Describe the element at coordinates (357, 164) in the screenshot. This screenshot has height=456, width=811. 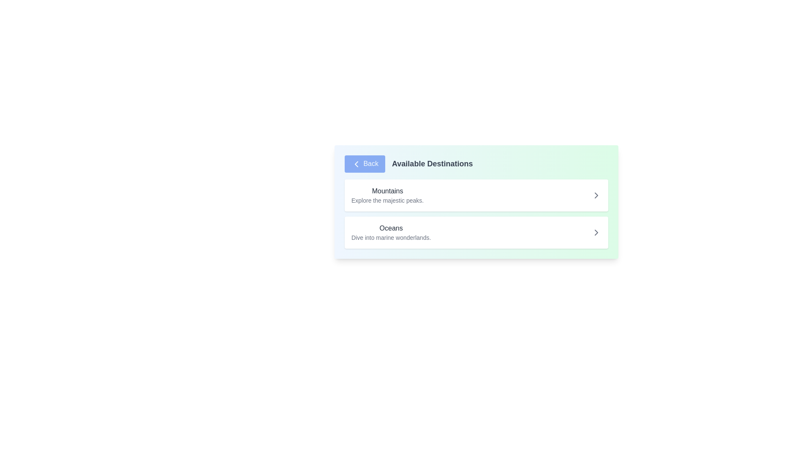
I see `the chevron icon located on the left side of the 'Back' button` at that location.